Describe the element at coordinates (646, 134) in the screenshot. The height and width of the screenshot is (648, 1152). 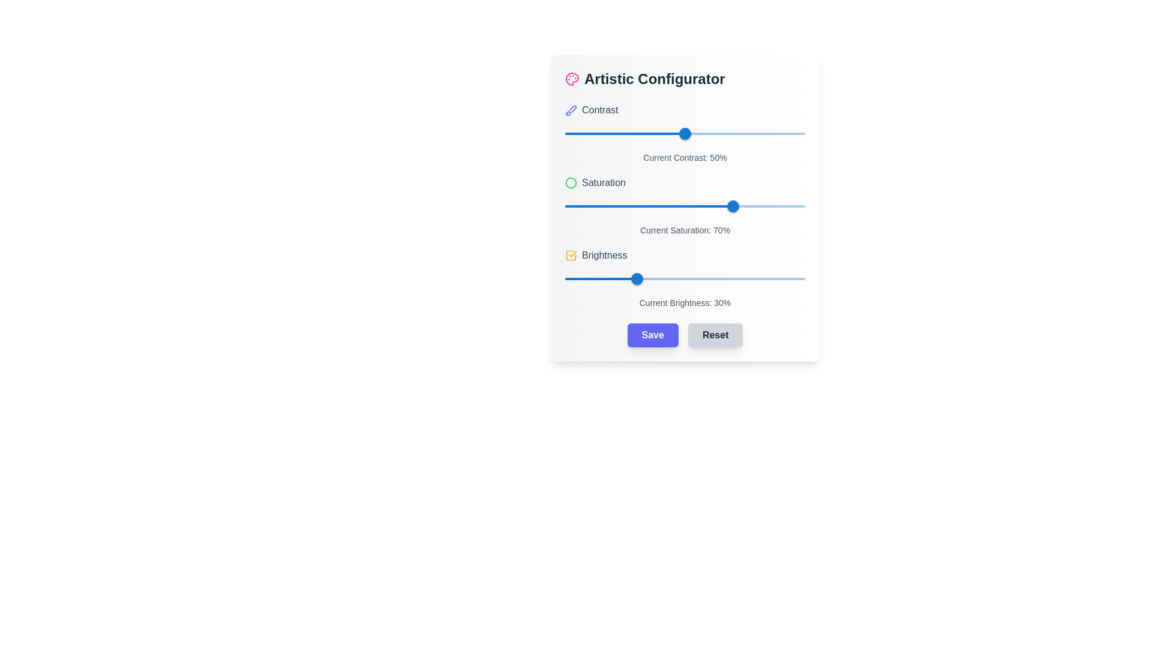
I see `contrast` at that location.